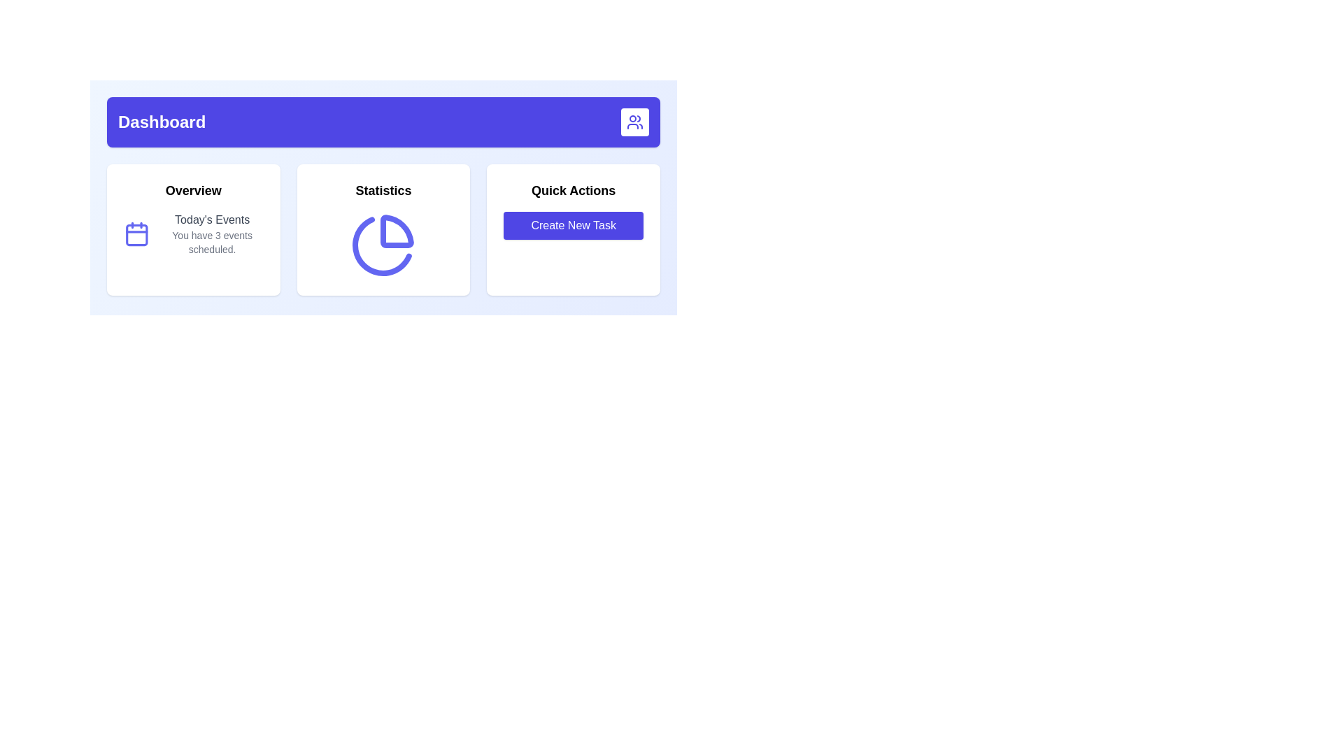 The height and width of the screenshot is (755, 1343). Describe the element at coordinates (136, 233) in the screenshot. I see `the 'Today's Events' icon` at that location.